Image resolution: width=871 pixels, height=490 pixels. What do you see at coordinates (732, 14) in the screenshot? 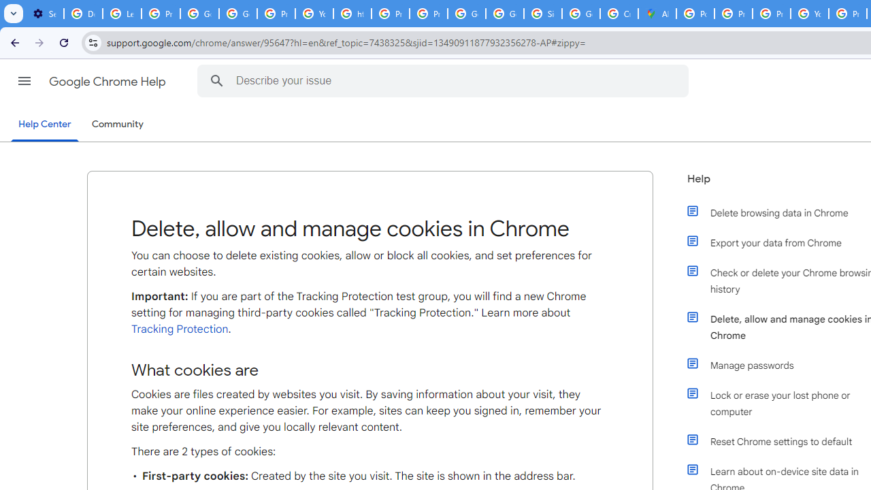
I see `'Privacy Help Center - Policies Help'` at bounding box center [732, 14].